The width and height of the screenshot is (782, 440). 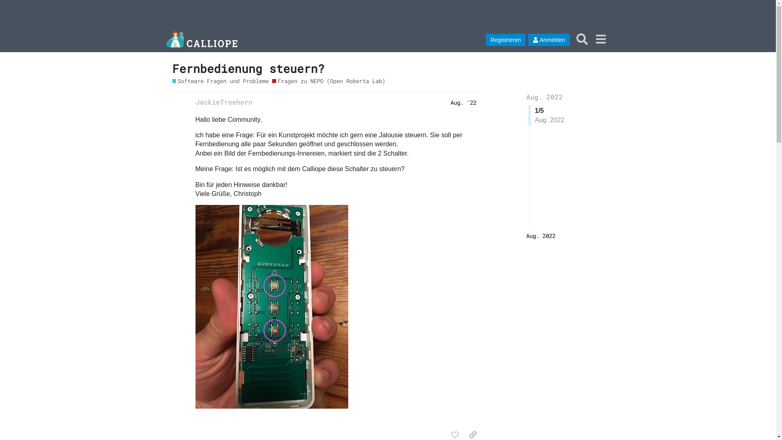 I want to click on 'Software Fragen und Probleme', so click(x=220, y=81).